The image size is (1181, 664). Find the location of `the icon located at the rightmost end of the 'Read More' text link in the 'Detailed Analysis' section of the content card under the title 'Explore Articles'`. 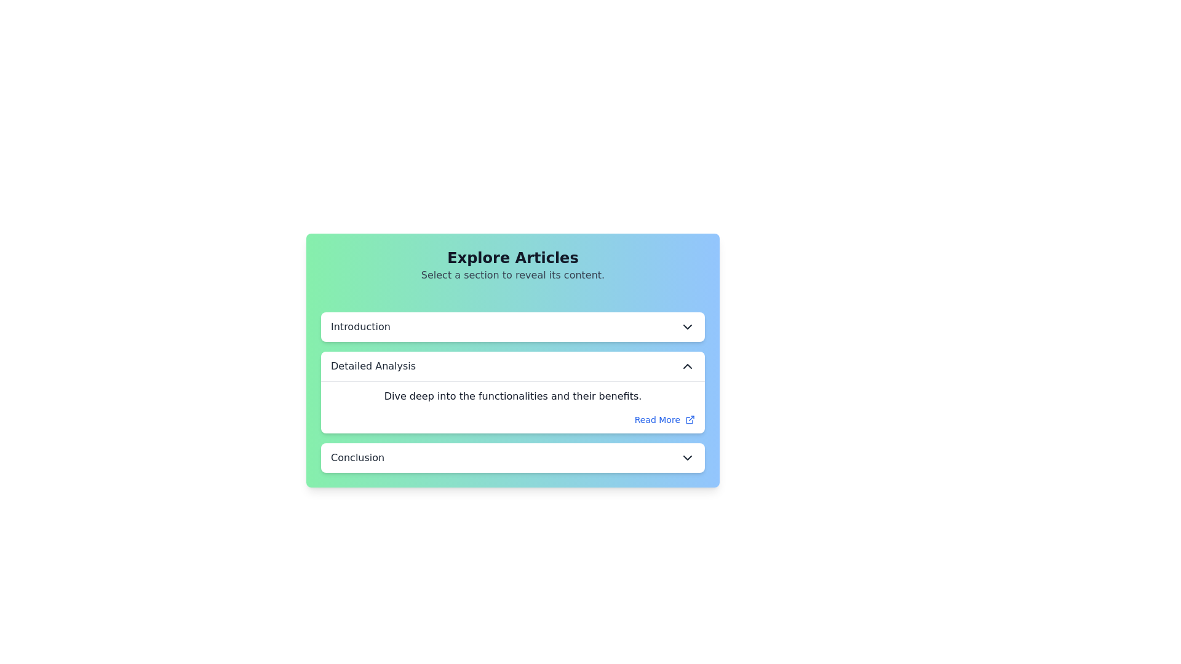

the icon located at the rightmost end of the 'Read More' text link in the 'Detailed Analysis' section of the content card under the title 'Explore Articles' is located at coordinates (690, 419).